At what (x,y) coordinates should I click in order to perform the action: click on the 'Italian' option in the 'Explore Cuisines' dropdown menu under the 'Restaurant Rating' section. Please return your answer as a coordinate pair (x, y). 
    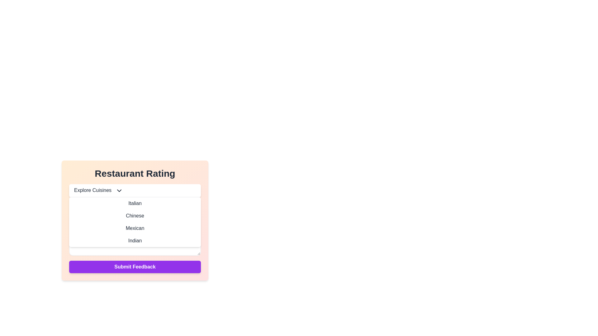
    Looking at the image, I should click on (135, 206).